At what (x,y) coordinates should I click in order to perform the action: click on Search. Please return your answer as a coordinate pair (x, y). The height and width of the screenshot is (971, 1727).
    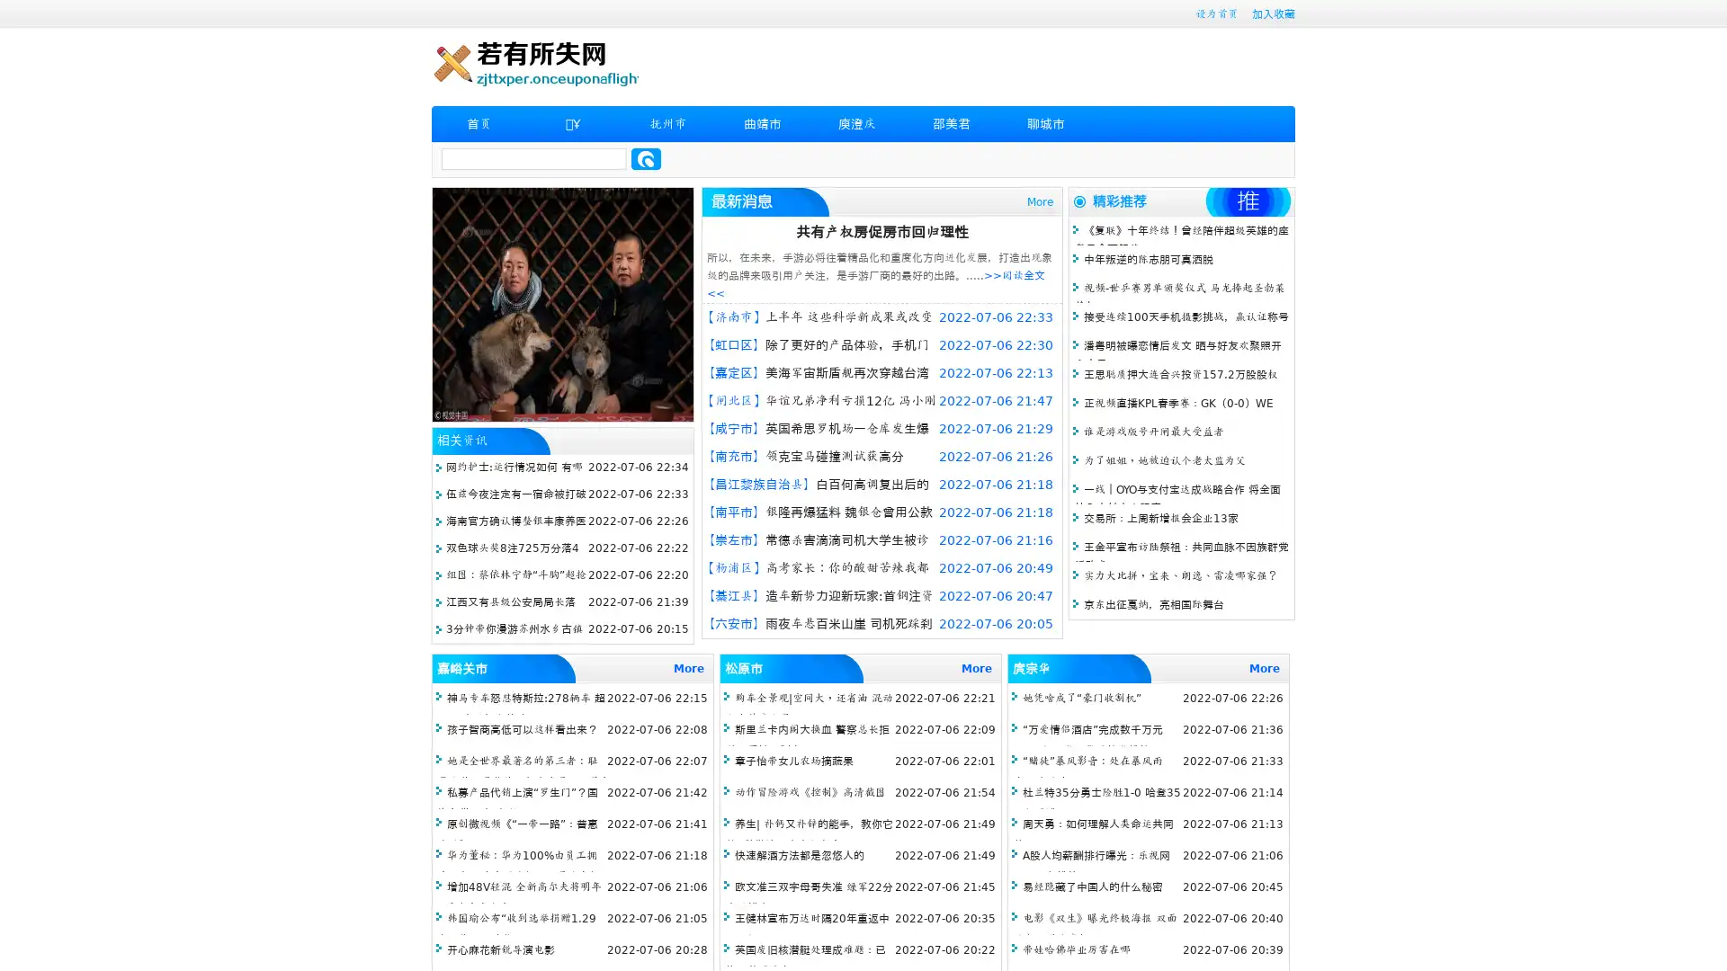
    Looking at the image, I should click on (646, 158).